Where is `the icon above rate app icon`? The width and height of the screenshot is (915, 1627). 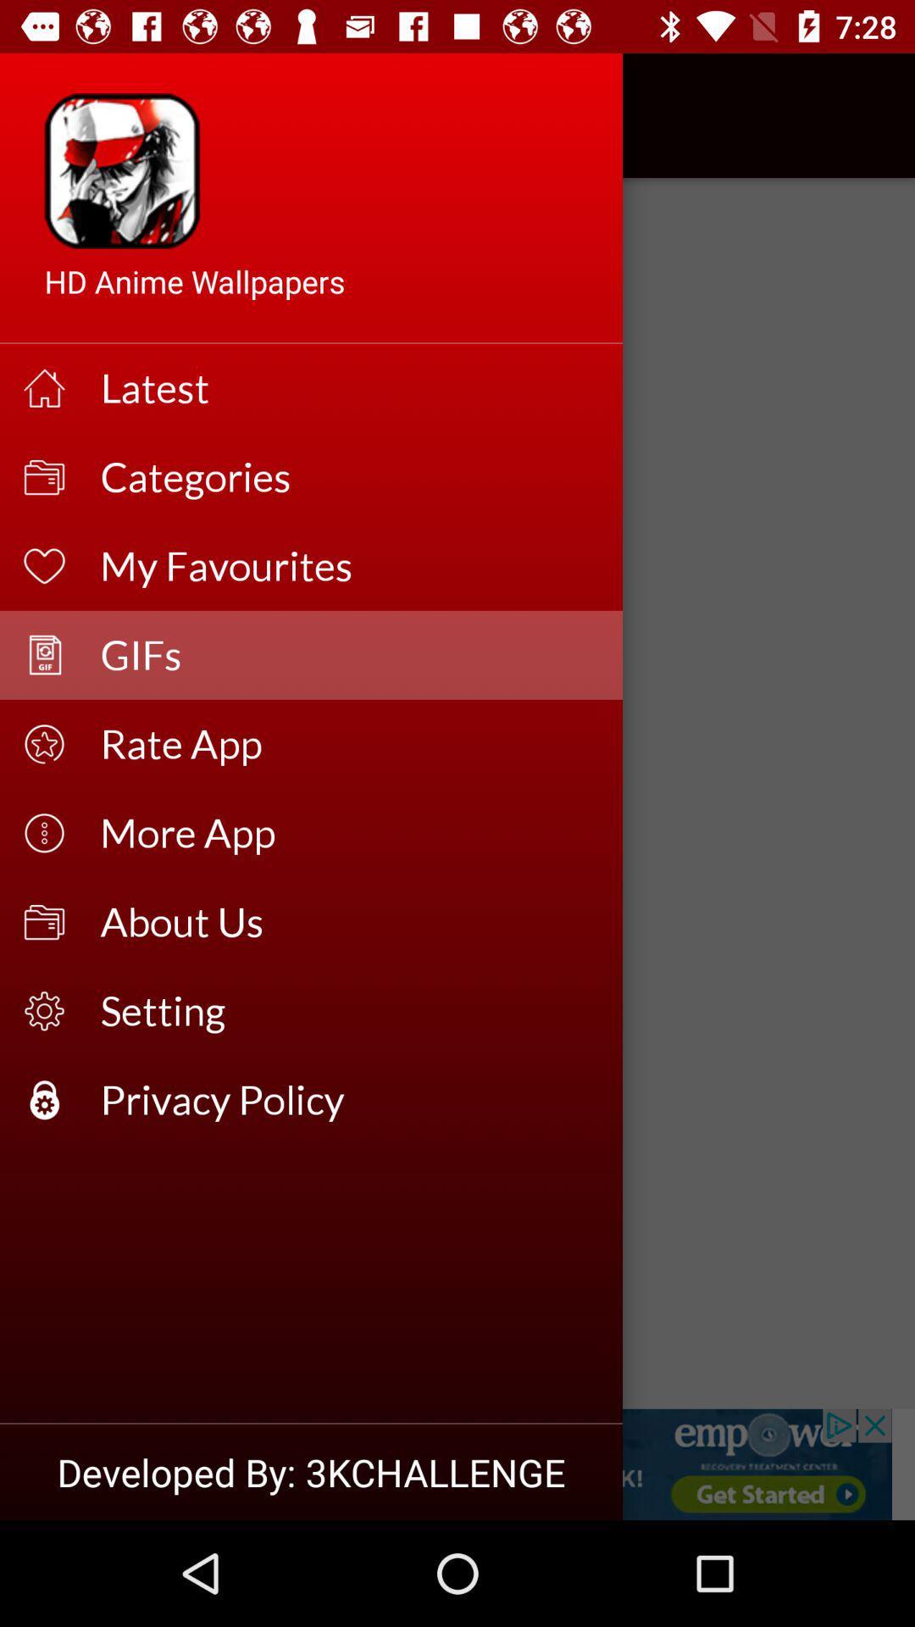
the icon above rate app icon is located at coordinates (349, 654).